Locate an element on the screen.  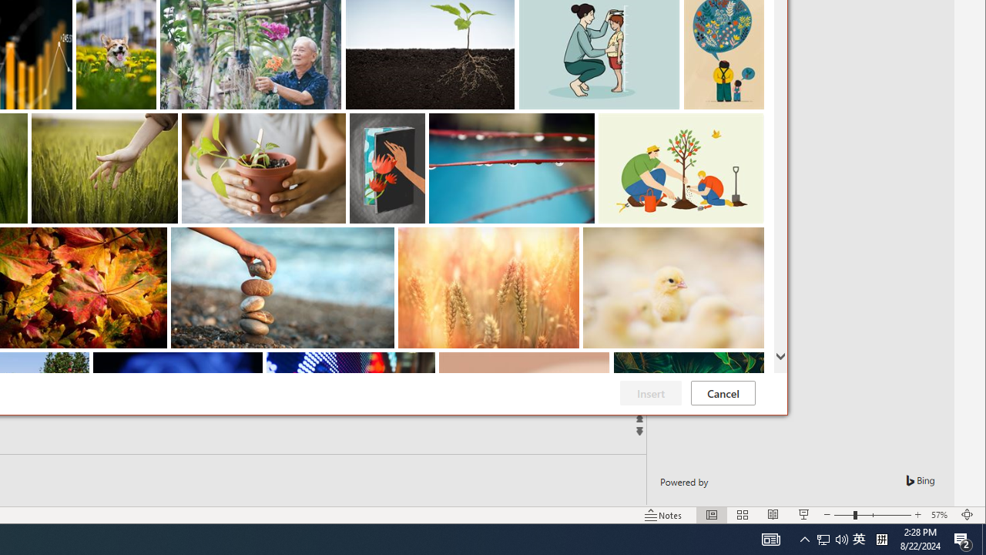
'Notes ' is located at coordinates (663, 515).